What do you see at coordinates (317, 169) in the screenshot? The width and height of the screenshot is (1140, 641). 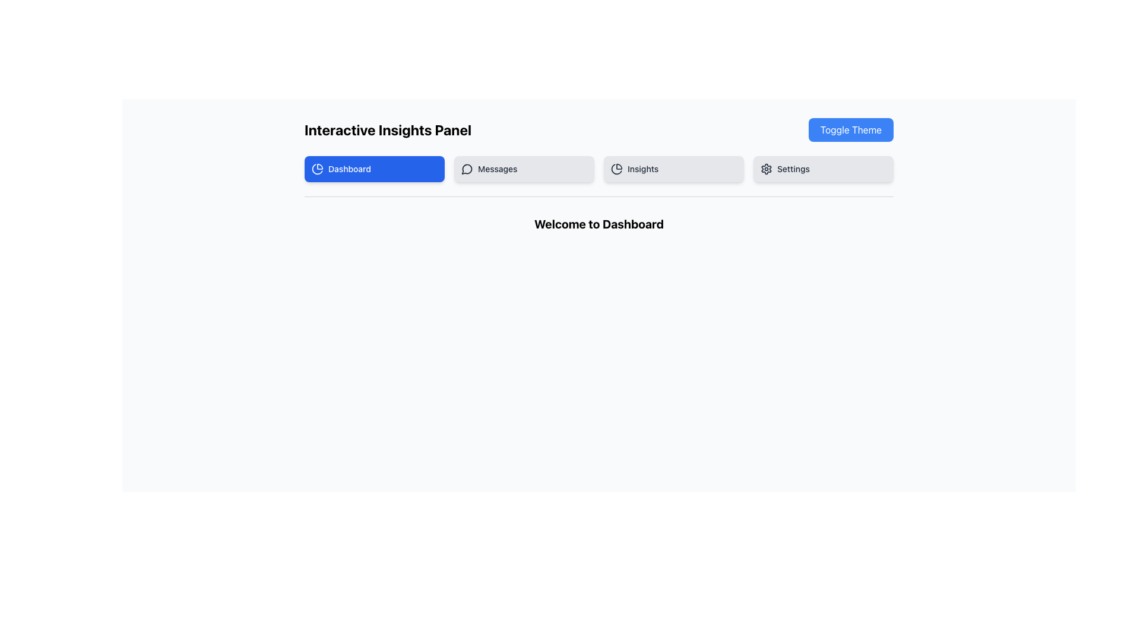 I see `the 'Dashboard' button which is represented by an icon in the top-left navigation bar` at bounding box center [317, 169].